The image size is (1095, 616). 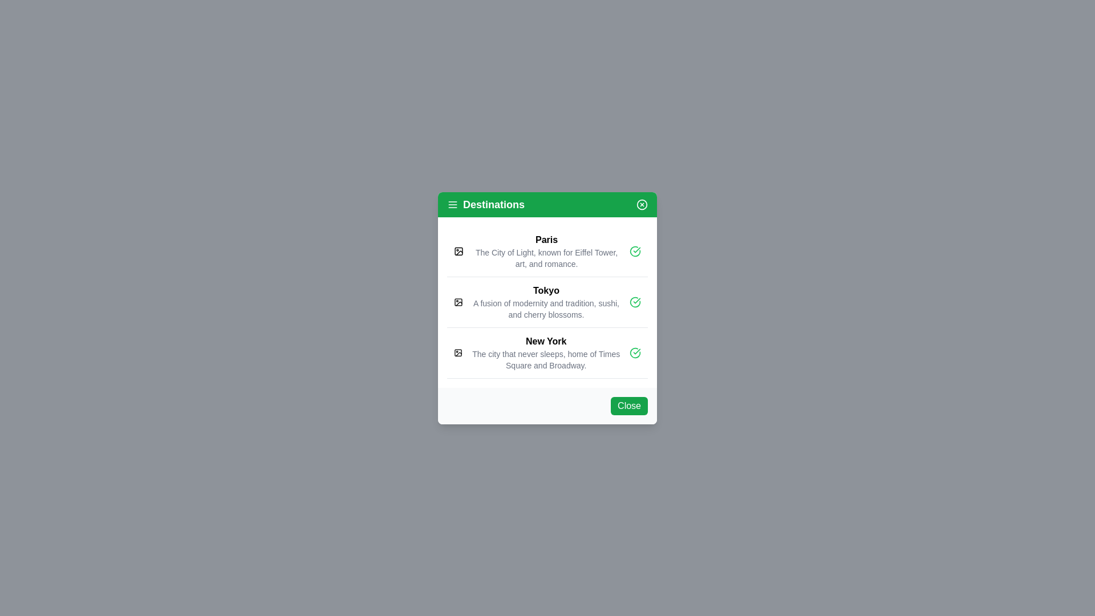 I want to click on the small square SVG icon resembling an image placeholder outline located to the left of the 'Tokyo' label in the second item row of the vertical list, so click(x=458, y=301).